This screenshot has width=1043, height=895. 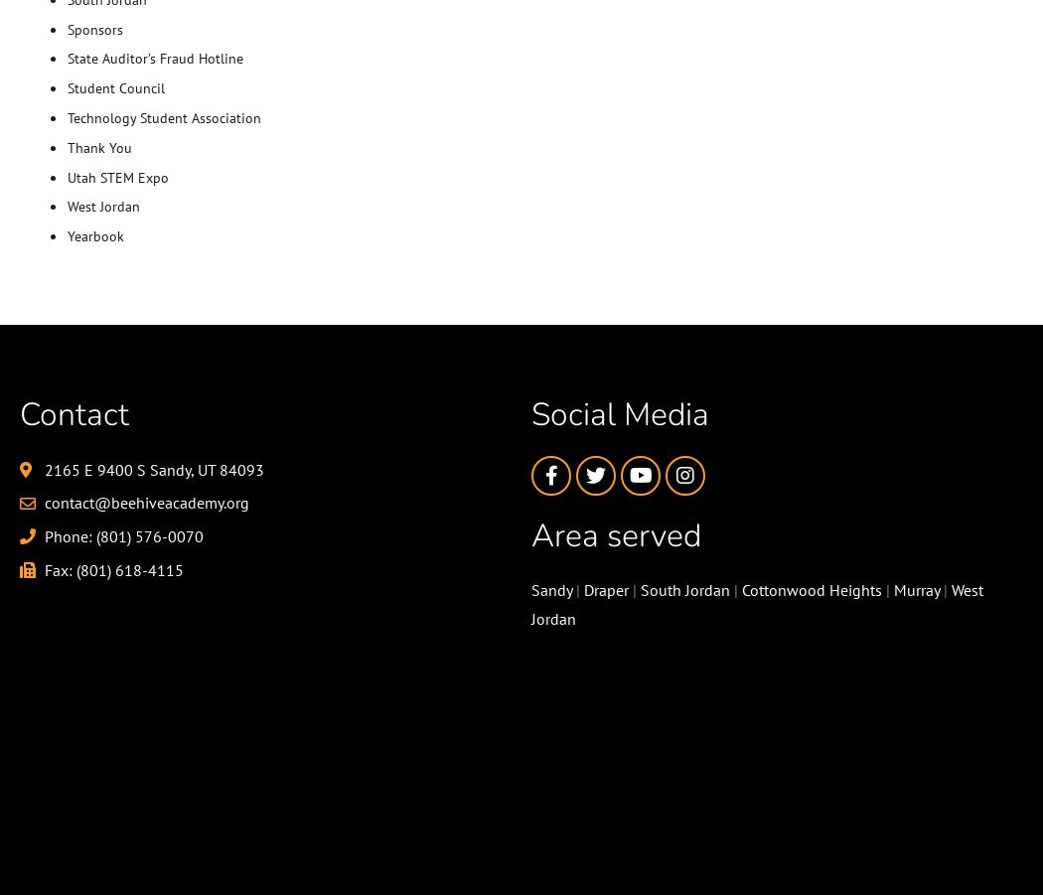 I want to click on 'Contact', so click(x=73, y=412).